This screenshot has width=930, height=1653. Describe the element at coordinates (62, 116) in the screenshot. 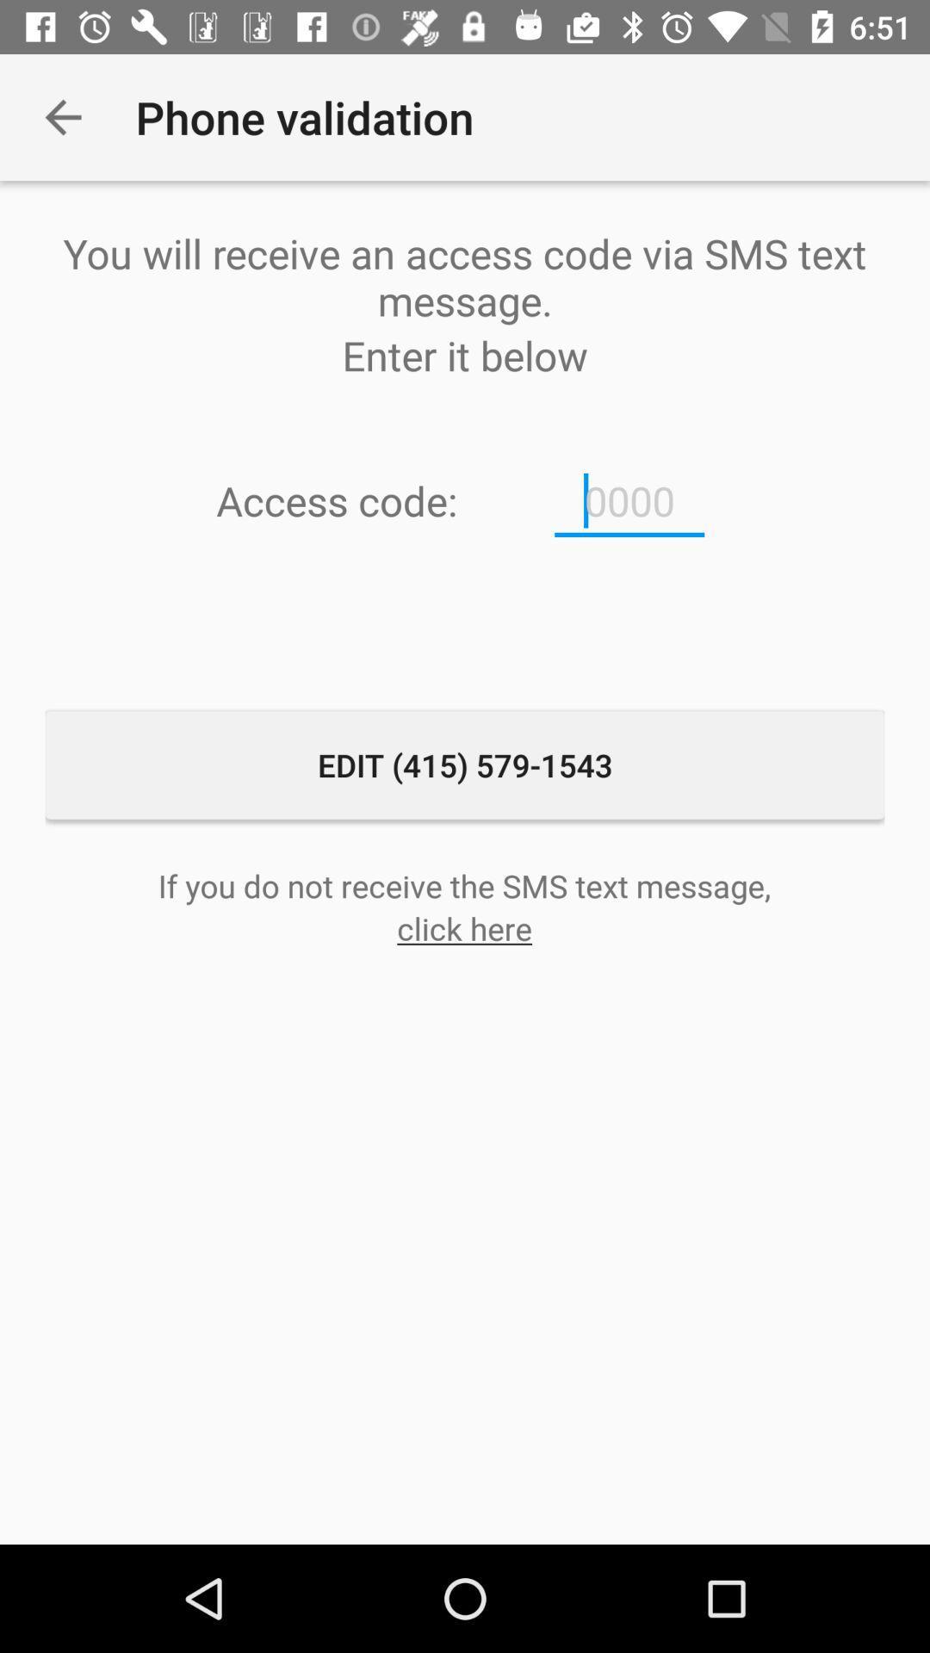

I see `icon above you will receive icon` at that location.